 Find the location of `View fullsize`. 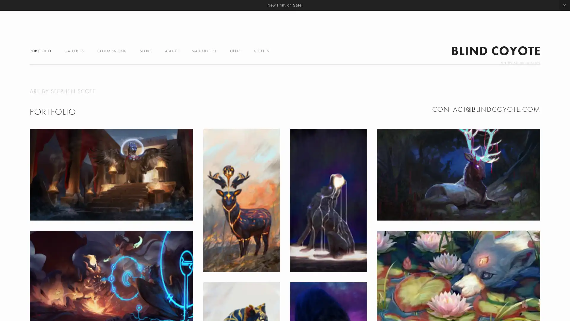

View fullsize is located at coordinates (458, 174).